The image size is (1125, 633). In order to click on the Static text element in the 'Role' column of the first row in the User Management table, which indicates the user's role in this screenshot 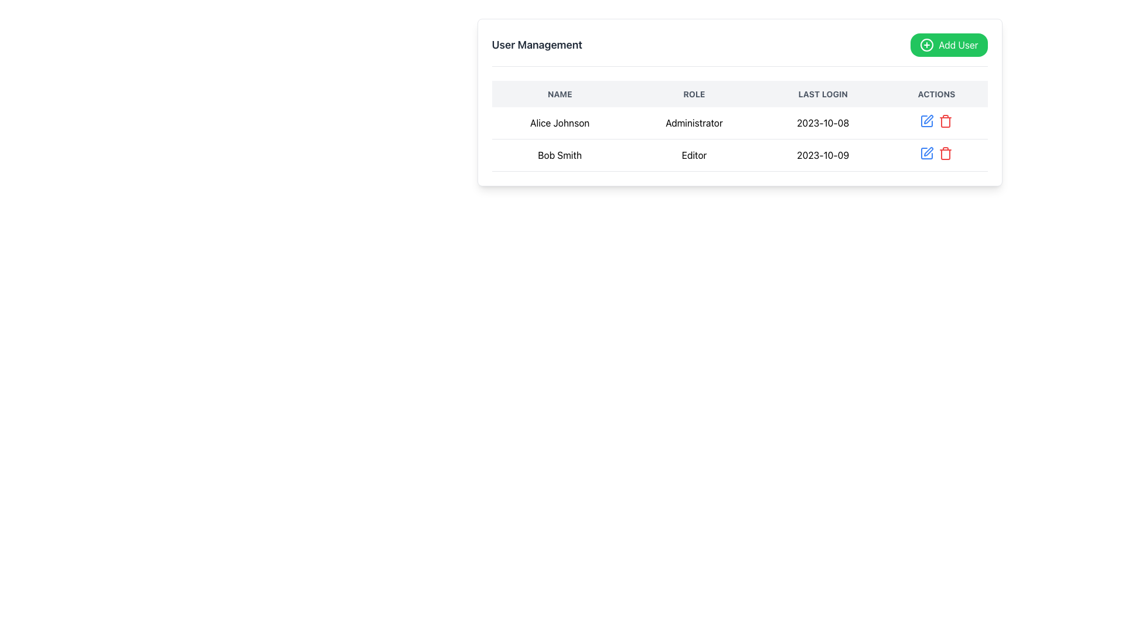, I will do `click(694, 123)`.